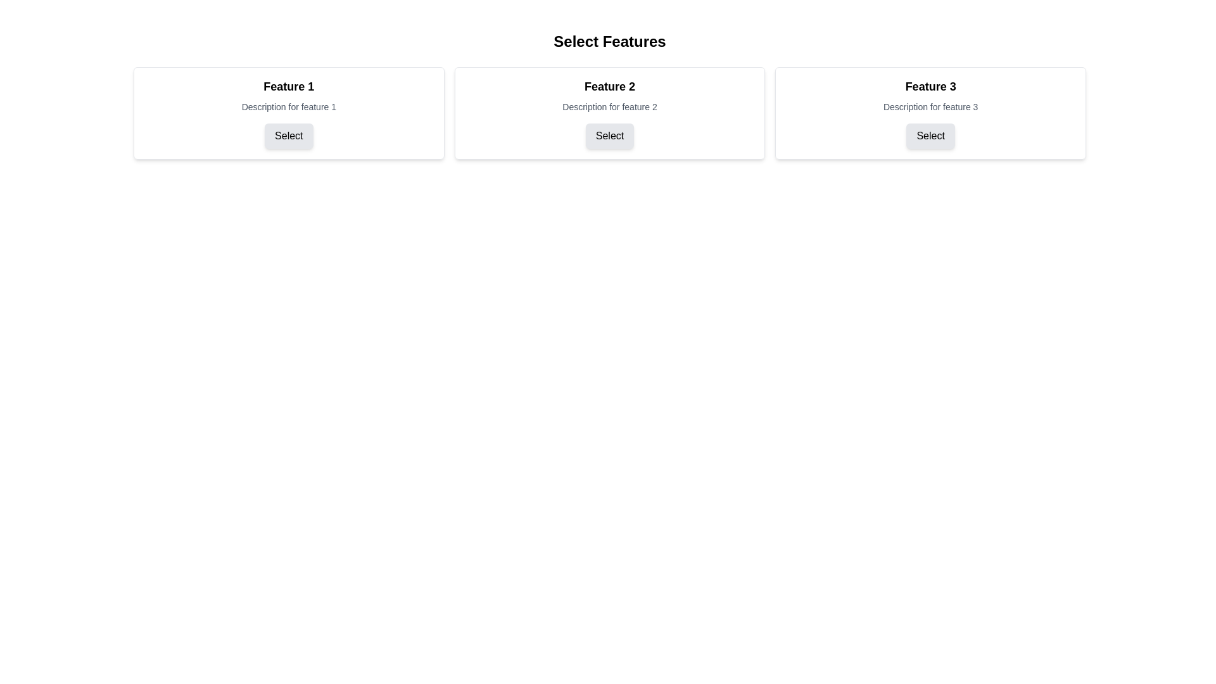  I want to click on the 'Select' button located at the bottom of the 'Feature 1' panel, so click(288, 136).